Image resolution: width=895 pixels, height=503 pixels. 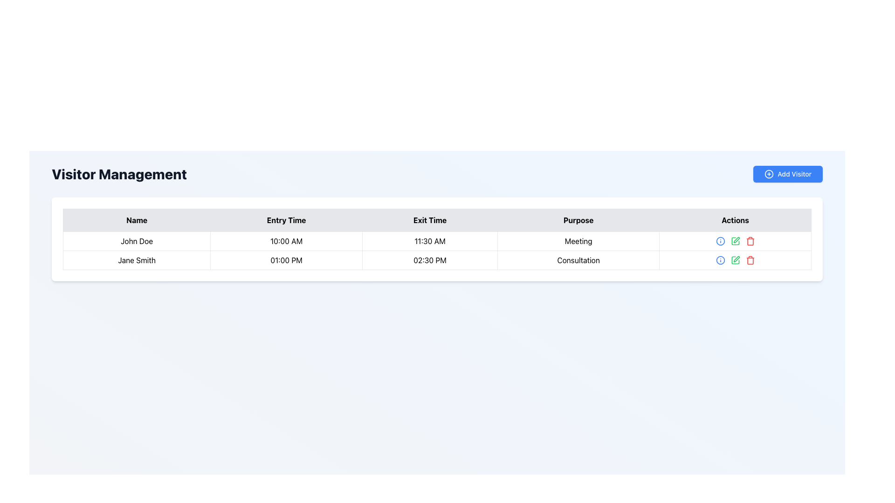 What do you see at coordinates (787, 174) in the screenshot?
I see `the 'Add Visitor' button, which has a blue background, white text, rounded corners, and an icon of a circle with a plus sign` at bounding box center [787, 174].